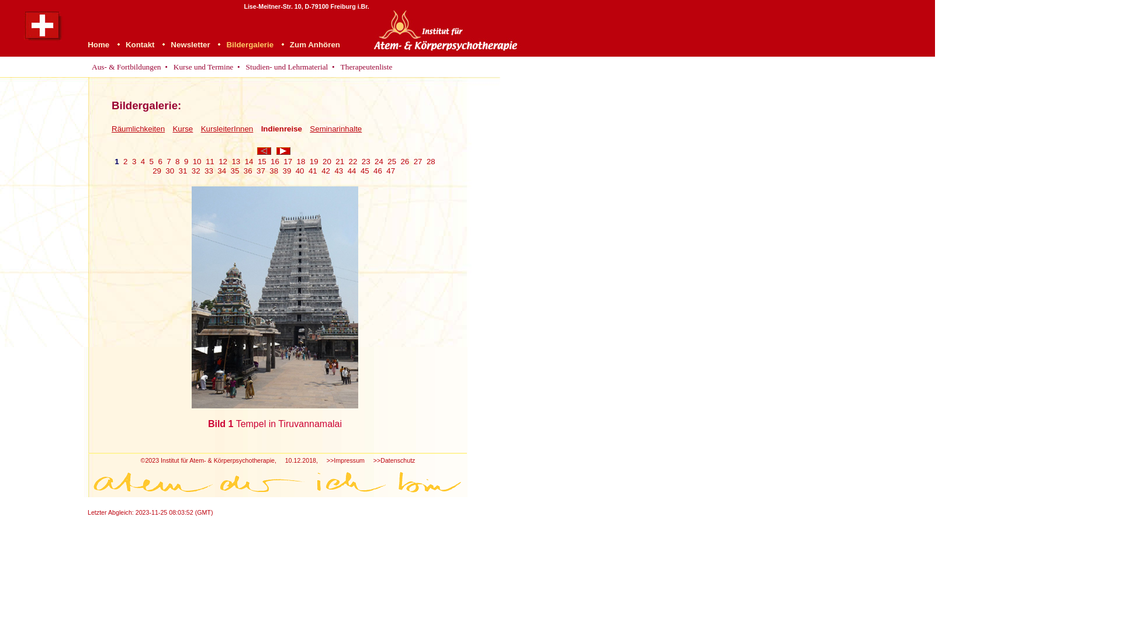 The height and width of the screenshot is (631, 1122). Describe the element at coordinates (430, 161) in the screenshot. I see `'28'` at that location.